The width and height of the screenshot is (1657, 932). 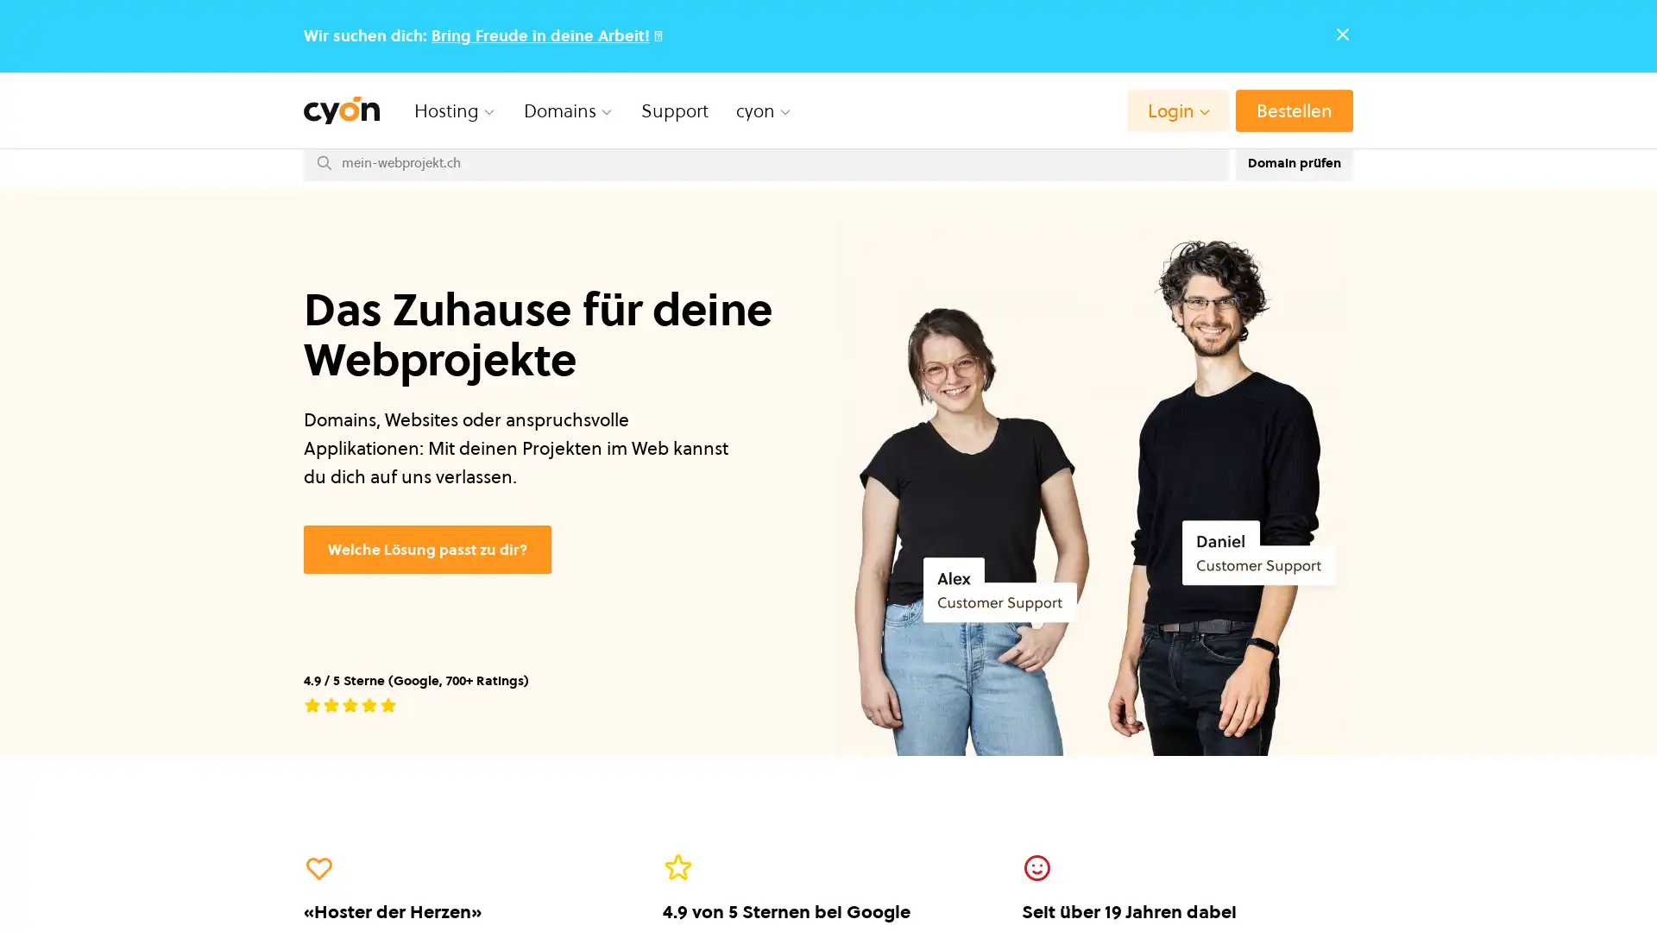 I want to click on cyon, so click(x=763, y=110).